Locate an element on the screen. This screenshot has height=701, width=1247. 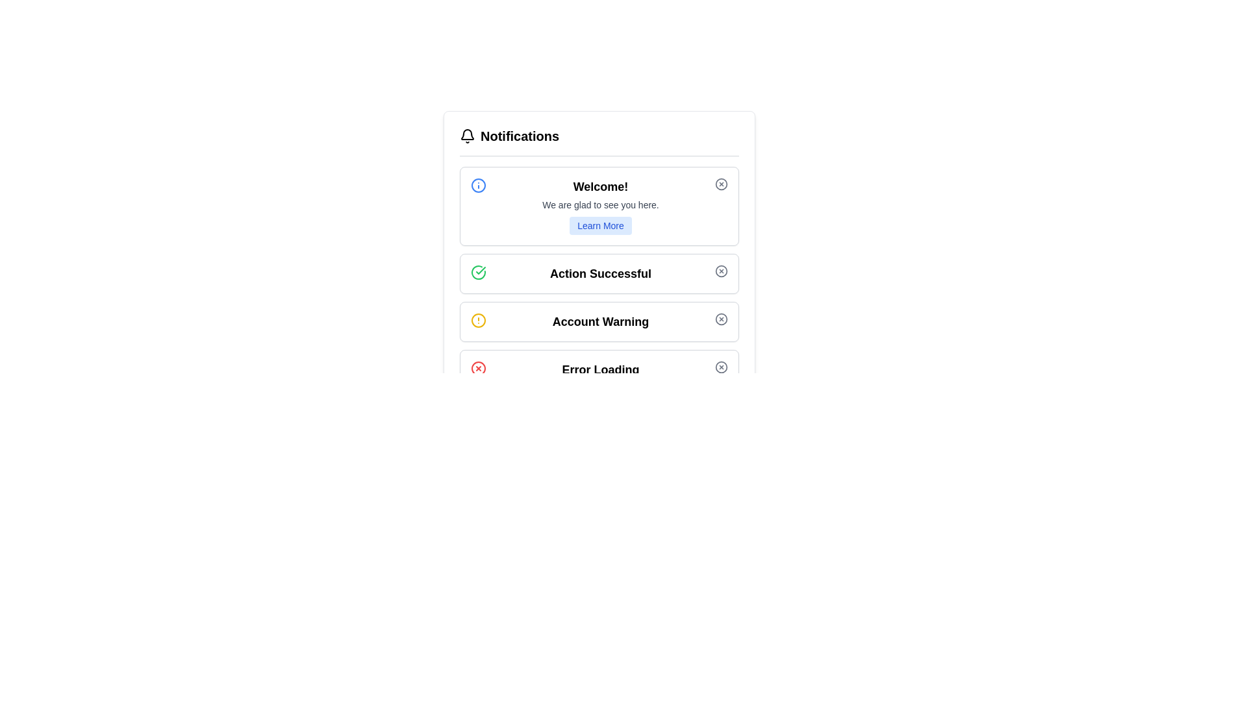
the second notification item in the Notification Panel that contains the message 'Action Successful' is located at coordinates (598, 277).